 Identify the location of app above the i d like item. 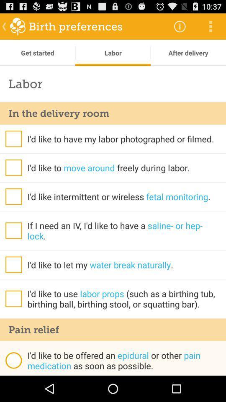
(113, 330).